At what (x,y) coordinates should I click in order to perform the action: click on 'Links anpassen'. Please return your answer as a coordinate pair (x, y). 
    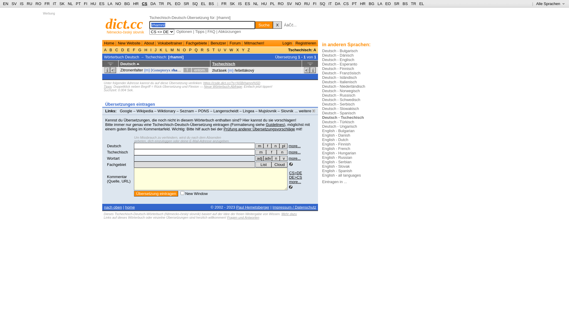
    Looking at the image, I should click on (137, 115).